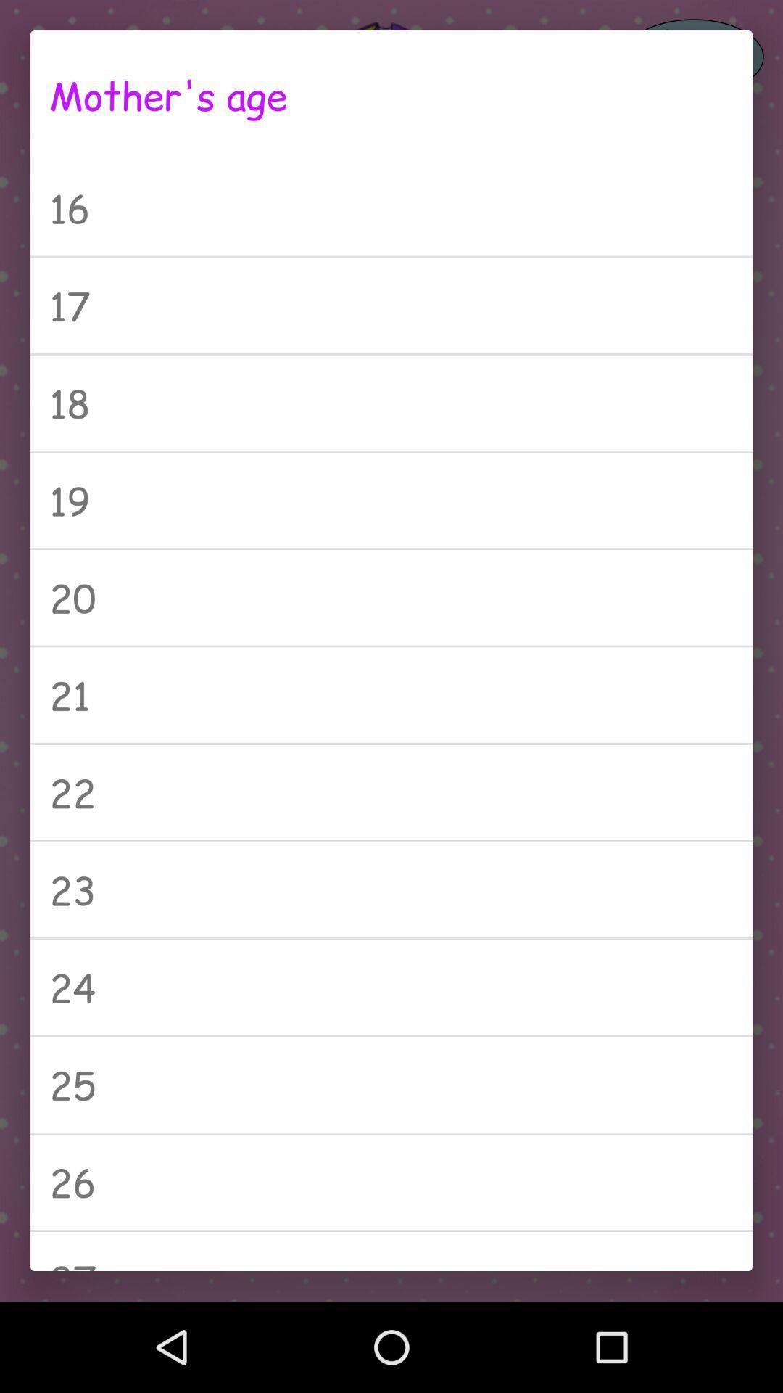 This screenshot has width=783, height=1393. Describe the element at coordinates (391, 1250) in the screenshot. I see `the 27 item` at that location.